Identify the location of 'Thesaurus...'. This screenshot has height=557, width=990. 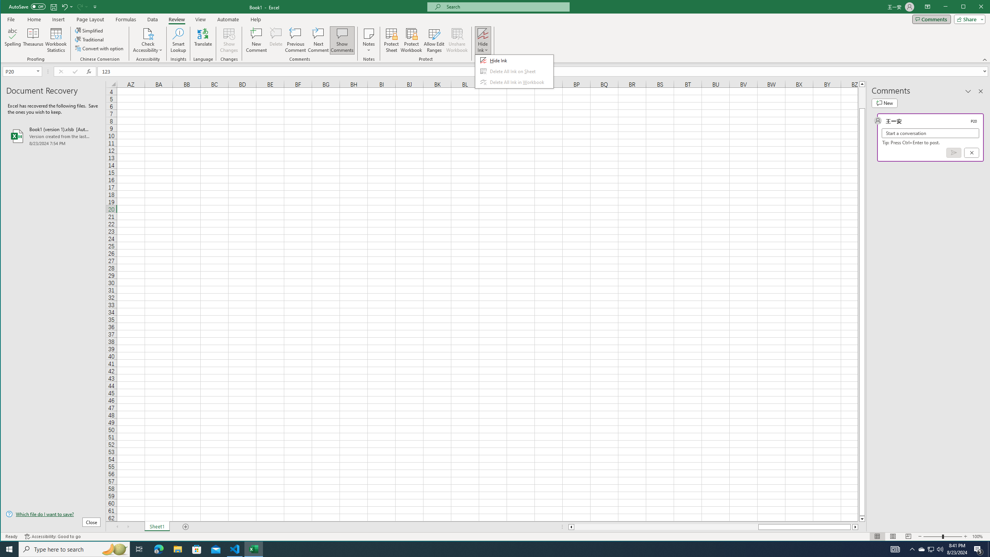
(33, 40).